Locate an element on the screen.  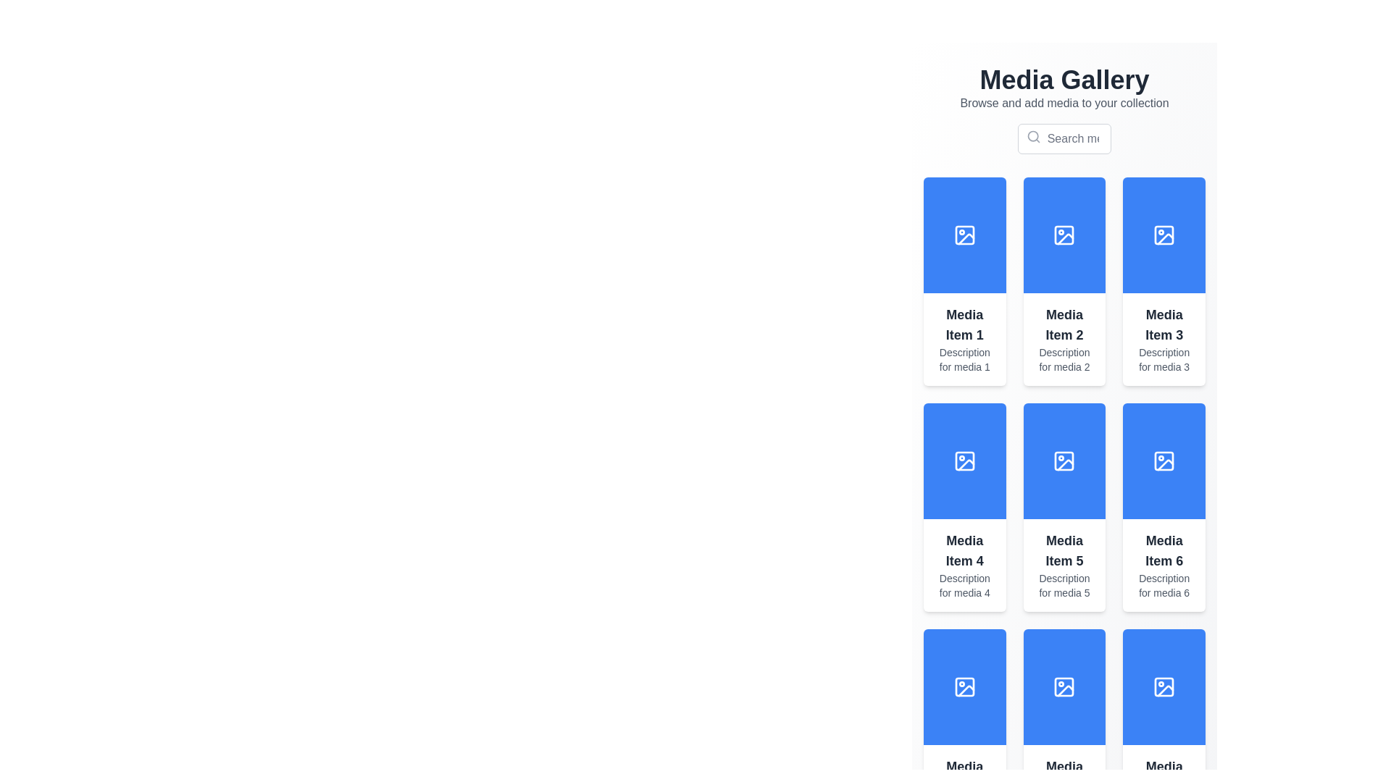
the text label displaying 'Media Item 3', which is a bold and larger font positioned at the top of a card layout is located at coordinates (1164, 324).